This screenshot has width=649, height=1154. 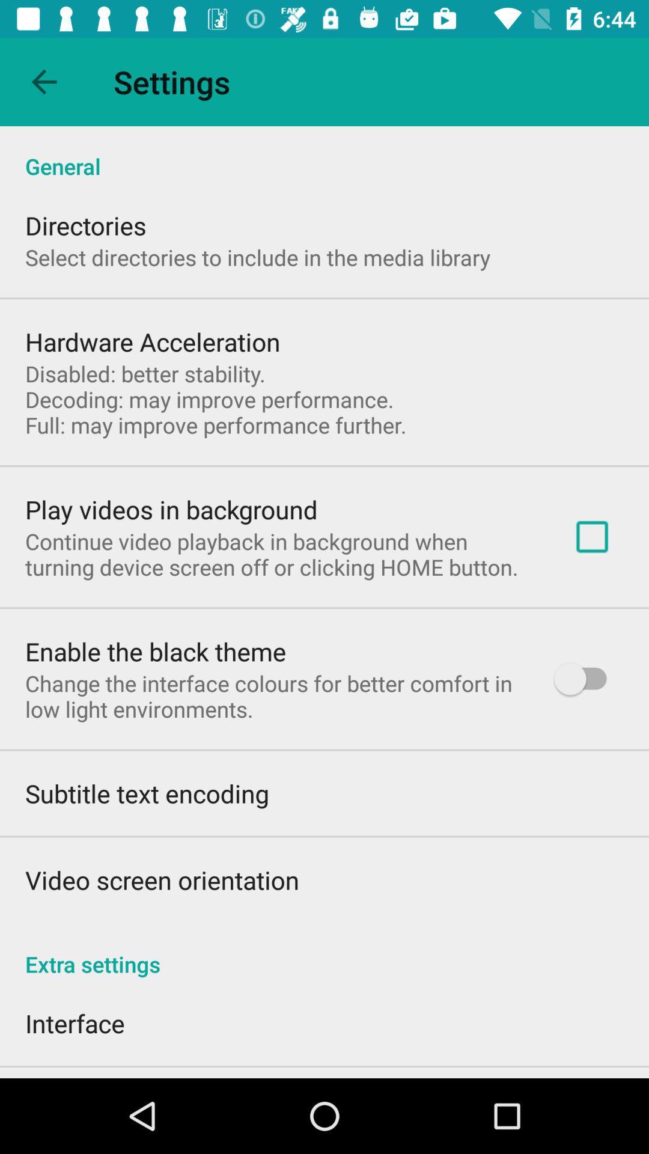 I want to click on item to the left of the settings app, so click(x=43, y=81).